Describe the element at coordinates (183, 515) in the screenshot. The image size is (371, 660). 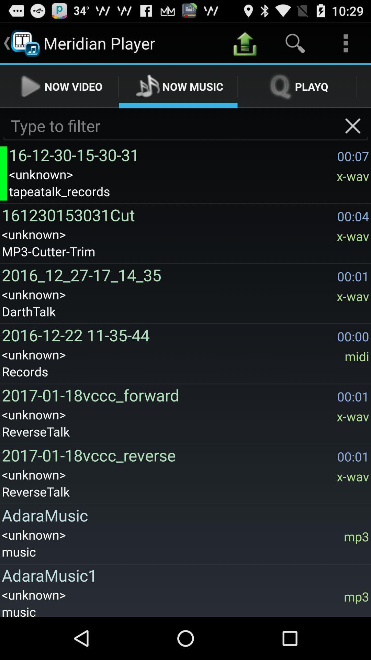
I see `icon above the <unknown>` at that location.